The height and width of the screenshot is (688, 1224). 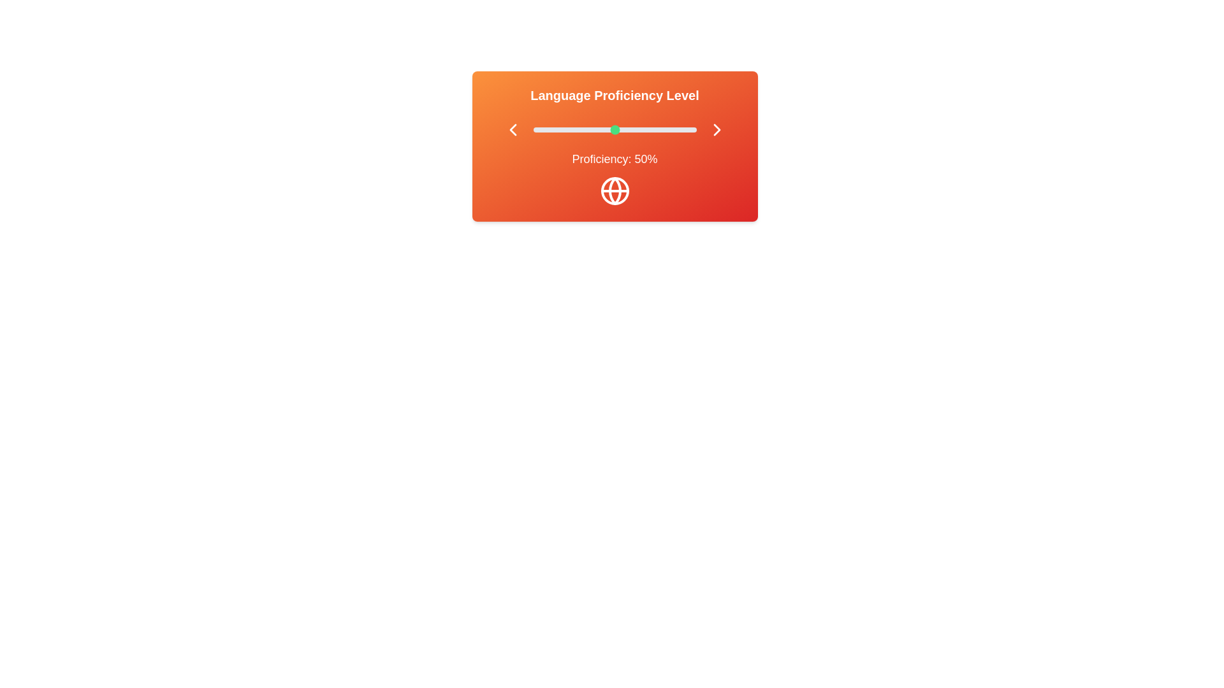 What do you see at coordinates (717, 130) in the screenshot?
I see `right chevron button to increase the proficiency level` at bounding box center [717, 130].